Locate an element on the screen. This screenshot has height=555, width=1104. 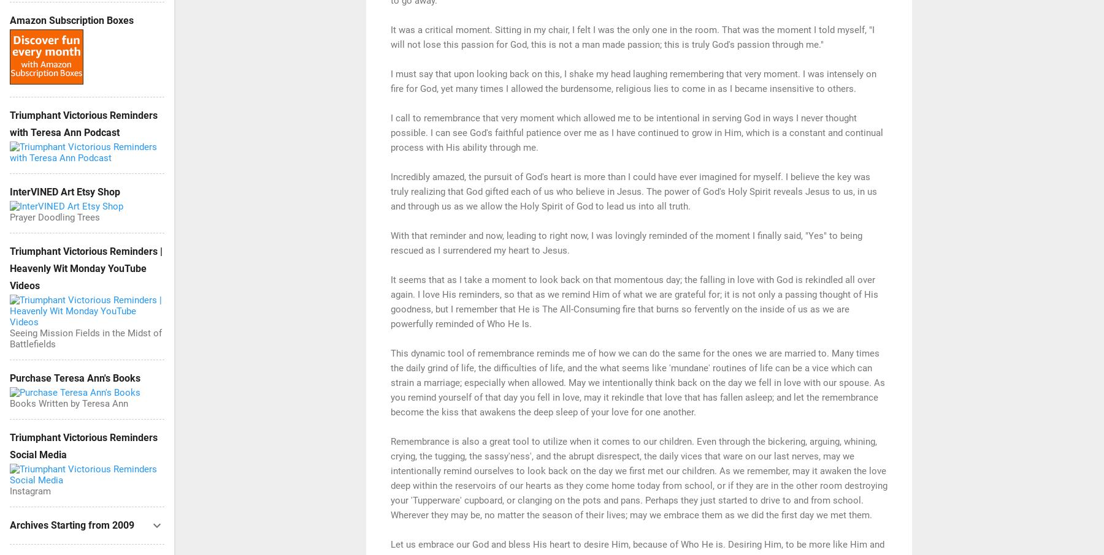
'InterVINED Art Etsy Shop' is located at coordinates (64, 191).